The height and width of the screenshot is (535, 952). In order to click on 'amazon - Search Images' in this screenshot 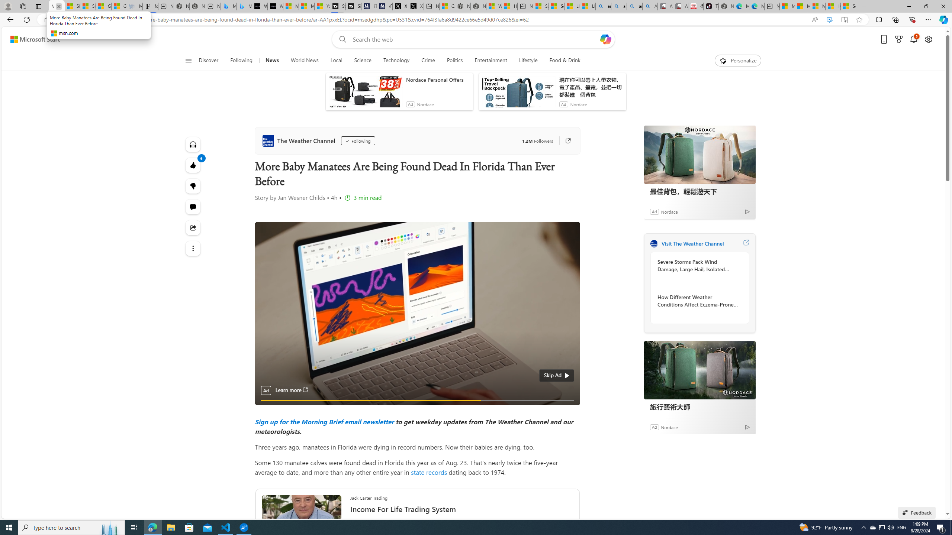, I will do `click(634, 6)`.